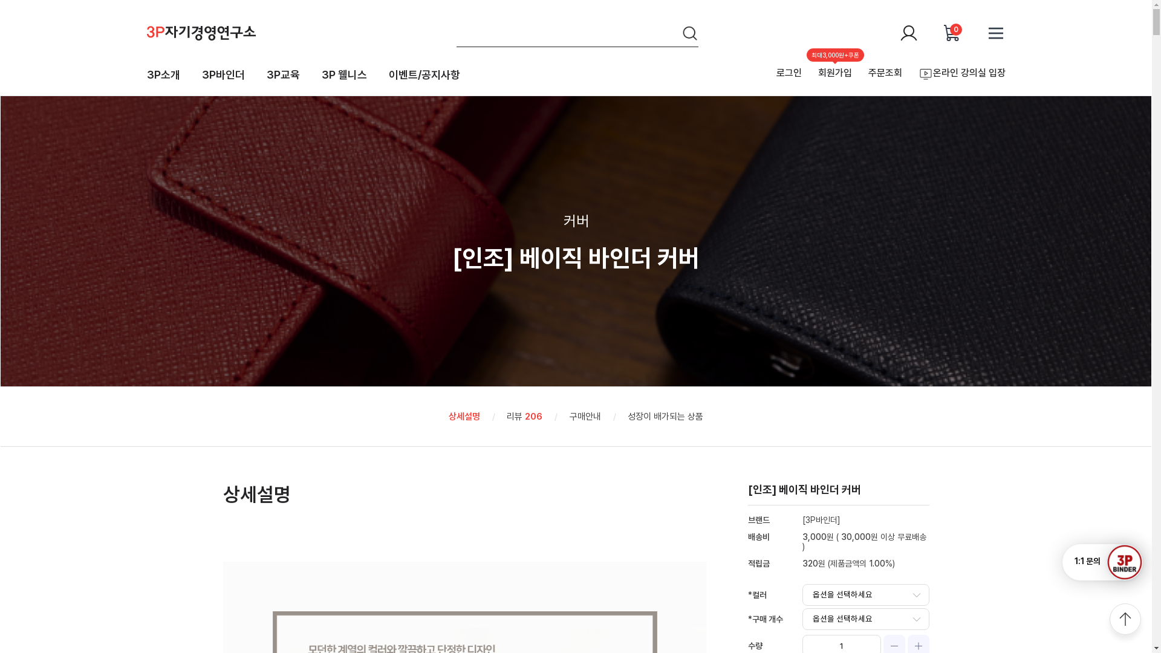  I want to click on '0', so click(941, 32).